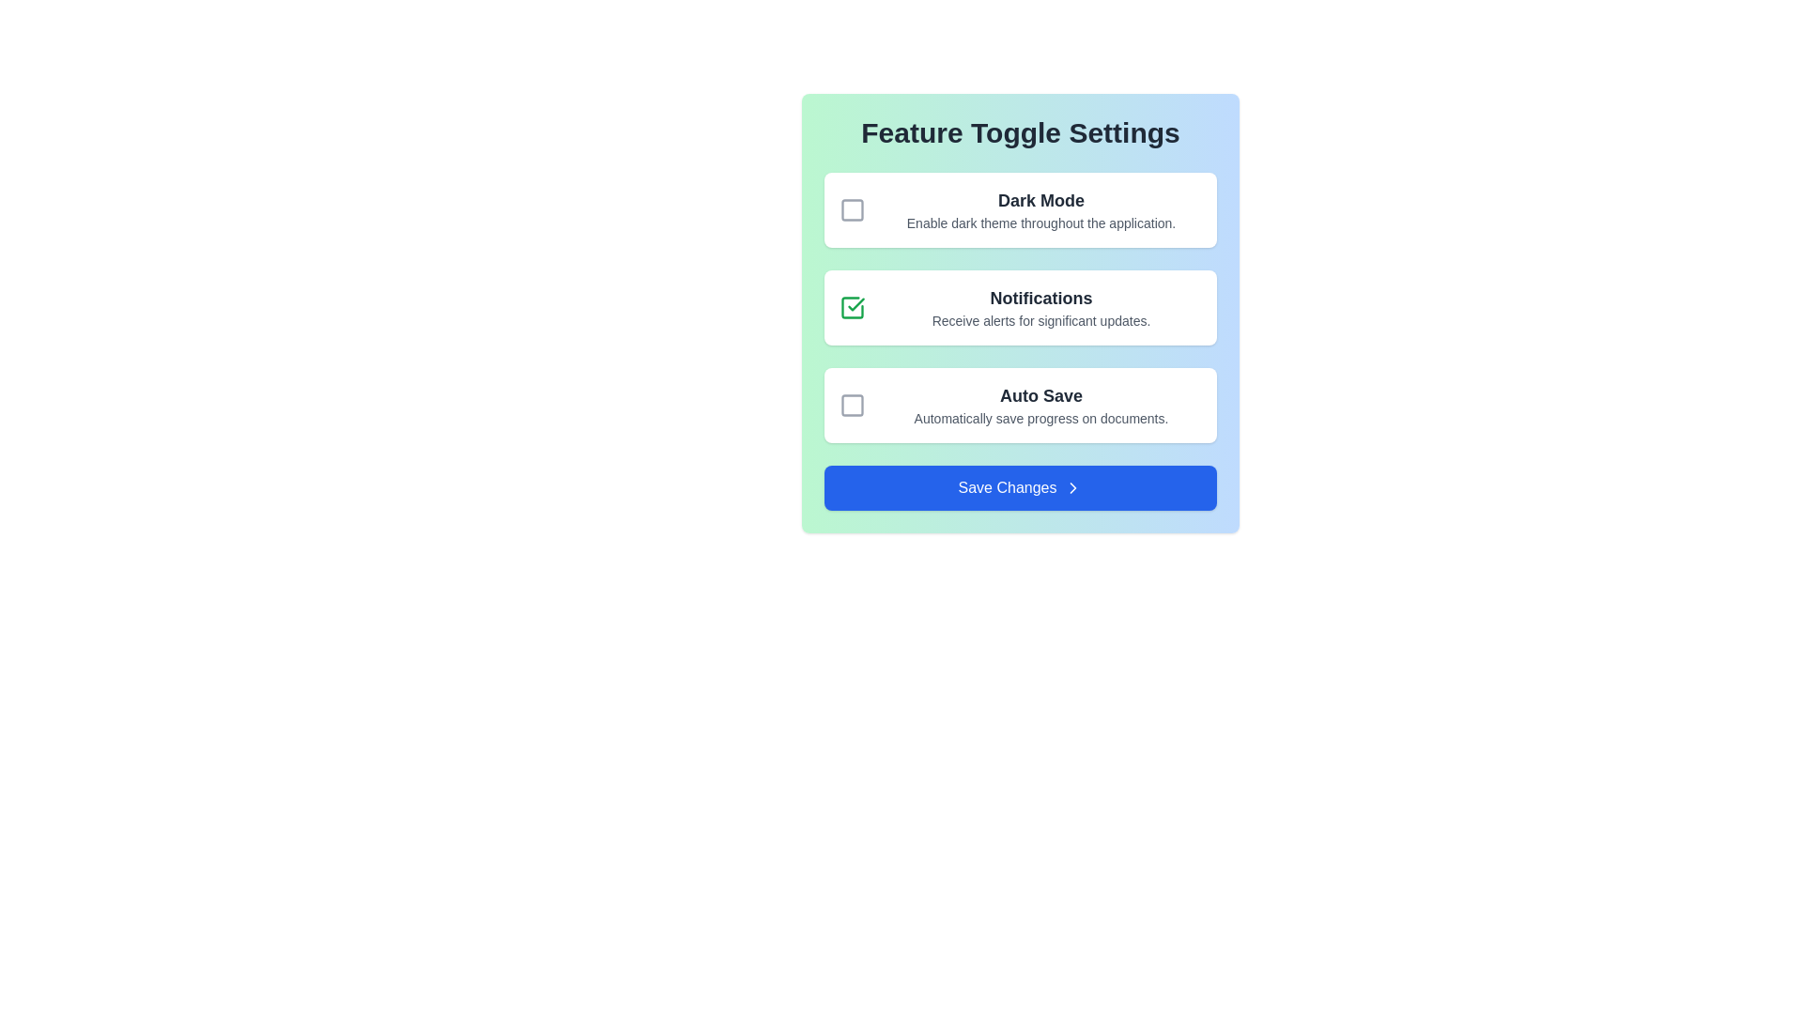 The image size is (1803, 1014). Describe the element at coordinates (851, 209) in the screenshot. I see `the unselected checkbox located in the card titled 'Dark Mode', which is the leftmost interactive component in the topmost card of the feature toggle list` at that location.